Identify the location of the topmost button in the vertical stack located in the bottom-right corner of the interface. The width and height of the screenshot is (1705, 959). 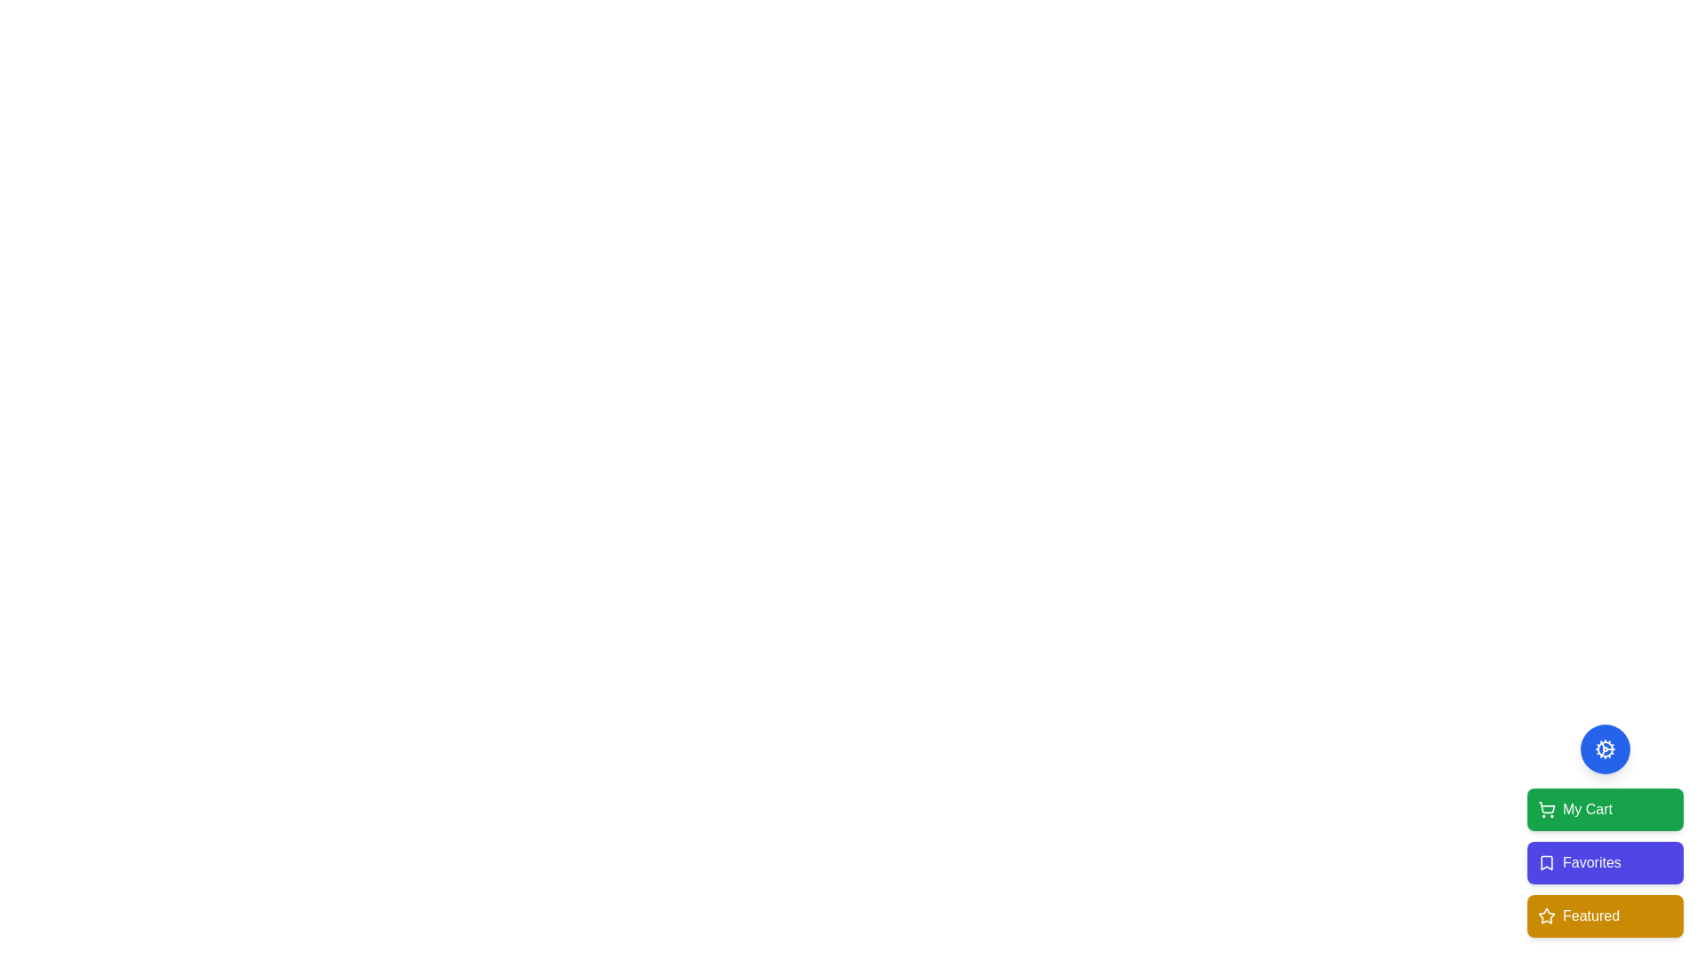
(1606, 809).